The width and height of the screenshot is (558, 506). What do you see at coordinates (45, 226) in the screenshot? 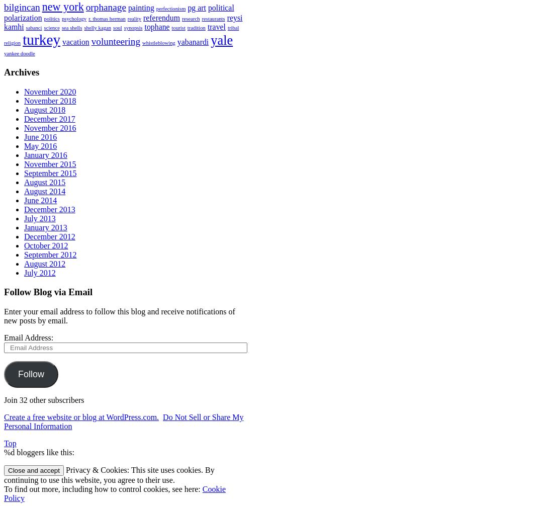
I see `'January 2013'` at bounding box center [45, 226].